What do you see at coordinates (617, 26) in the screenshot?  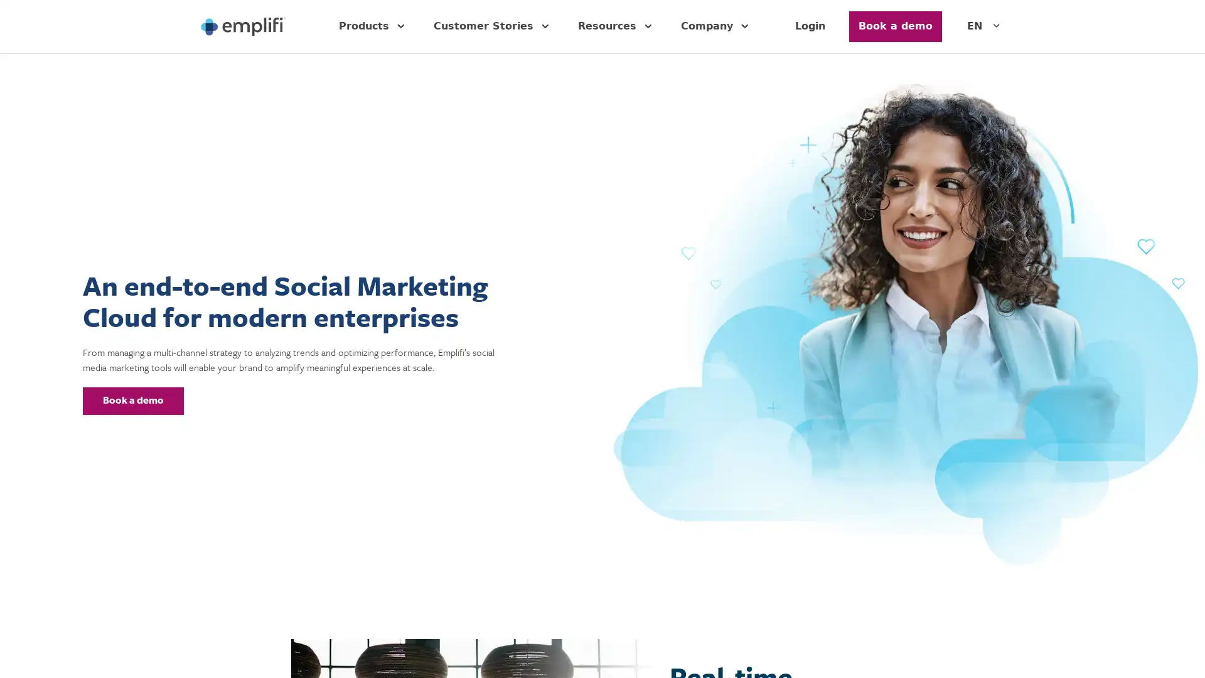 I see `Resources` at bounding box center [617, 26].